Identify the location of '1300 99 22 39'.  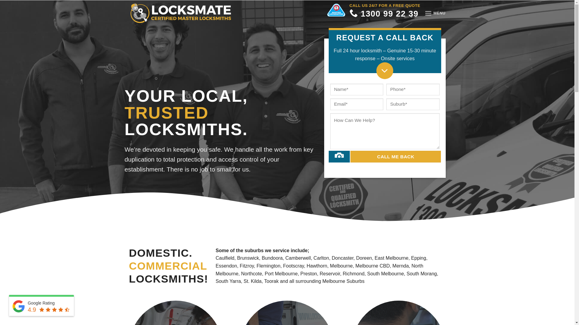
(384, 15).